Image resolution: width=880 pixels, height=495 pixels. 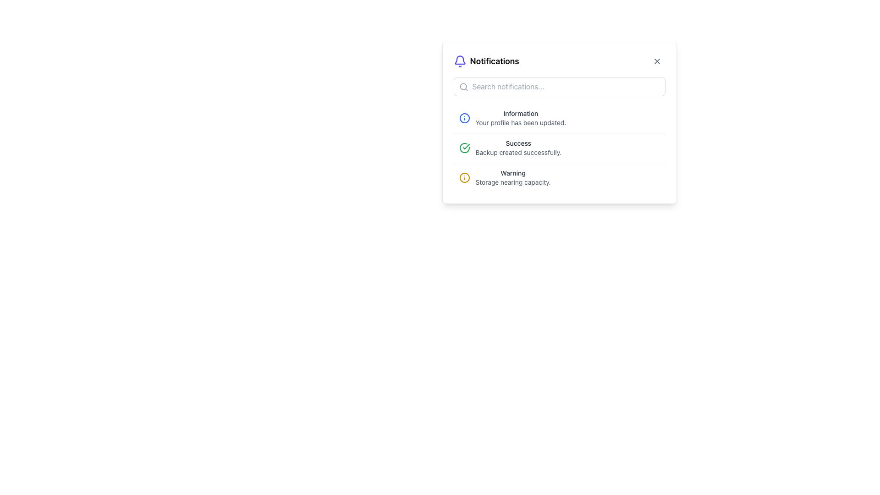 What do you see at coordinates (521, 118) in the screenshot?
I see `the text block that provides feedback about the profile update, located in the upper section of the notification panel, to the right of an icon` at bounding box center [521, 118].